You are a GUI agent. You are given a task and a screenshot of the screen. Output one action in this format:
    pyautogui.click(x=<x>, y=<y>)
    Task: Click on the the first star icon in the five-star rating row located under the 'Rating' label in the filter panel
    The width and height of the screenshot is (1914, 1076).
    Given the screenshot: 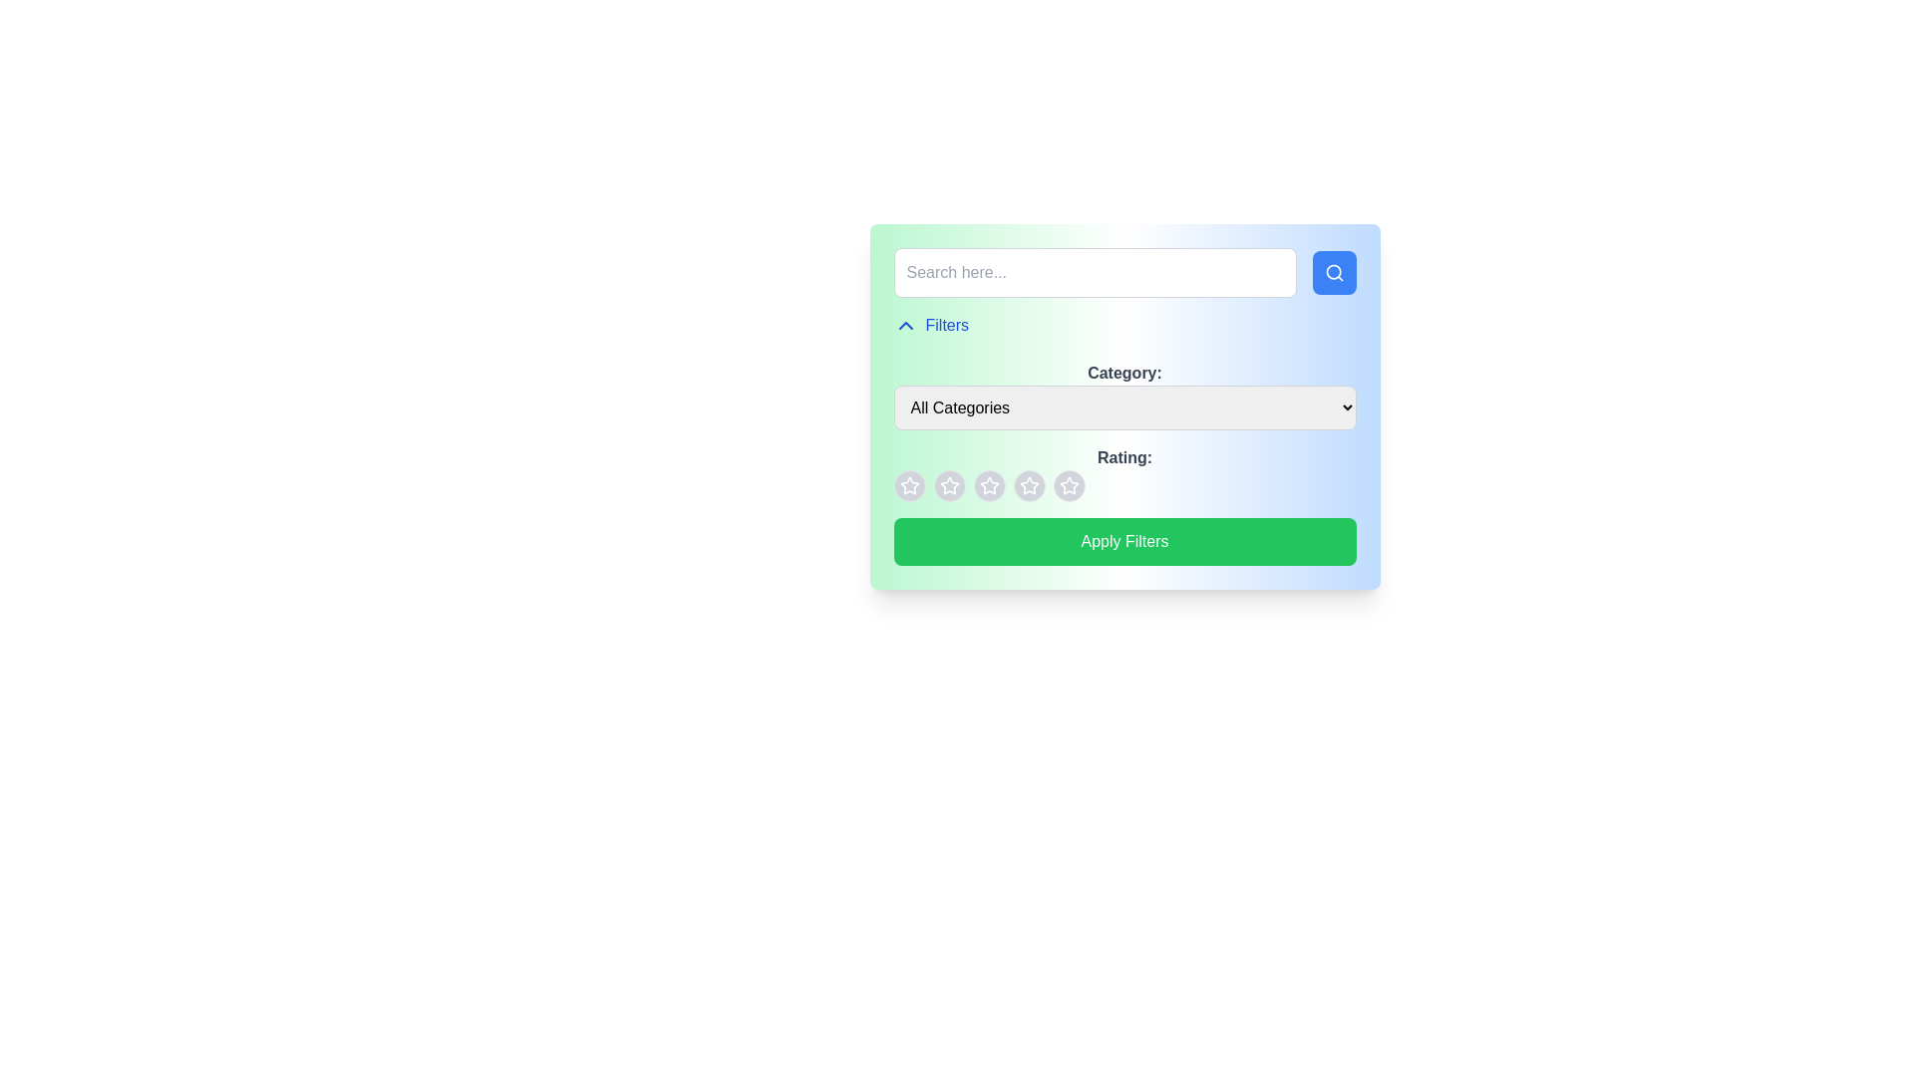 What is the action you would take?
    pyautogui.click(x=908, y=486)
    